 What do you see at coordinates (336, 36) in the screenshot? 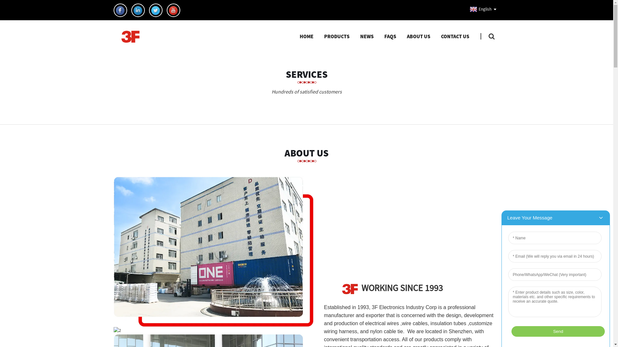
I see `'PRODUCTS'` at bounding box center [336, 36].